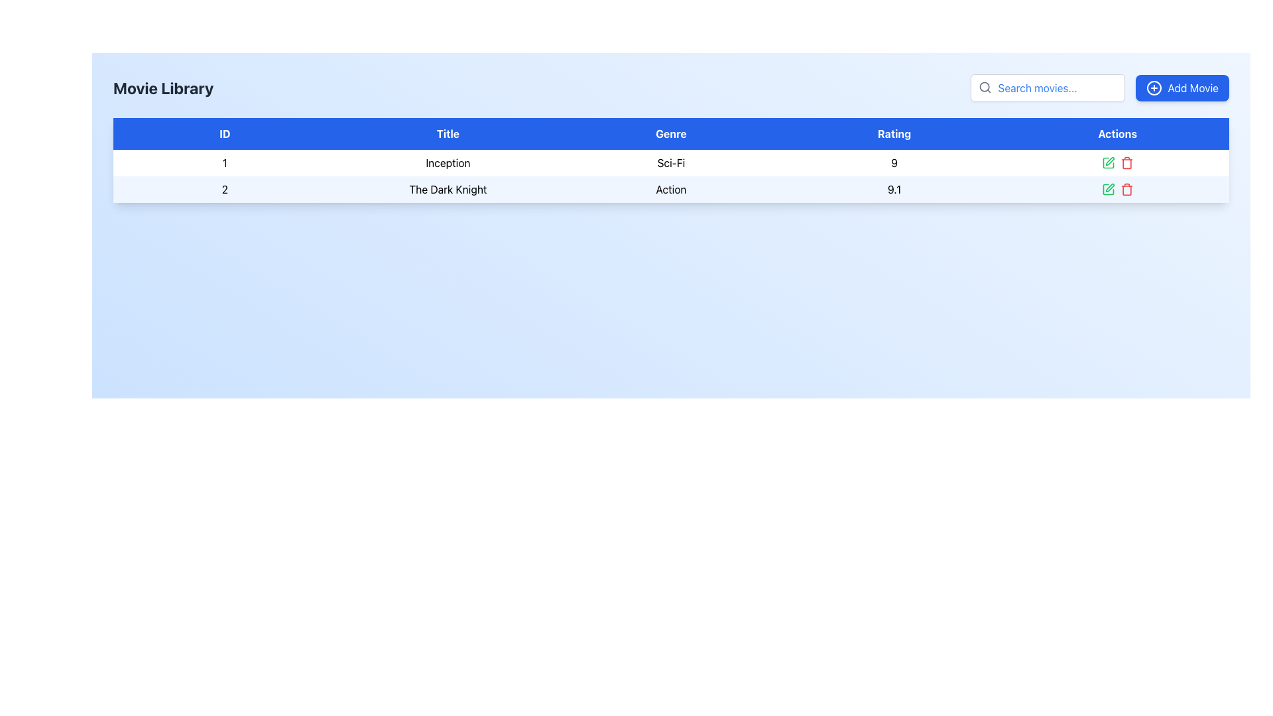 Image resolution: width=1273 pixels, height=716 pixels. What do you see at coordinates (671, 162) in the screenshot?
I see `the static text label displaying the genre 'Sci-Fi' in the 'Genre' column of the first row under the 'Movie Library' table` at bounding box center [671, 162].